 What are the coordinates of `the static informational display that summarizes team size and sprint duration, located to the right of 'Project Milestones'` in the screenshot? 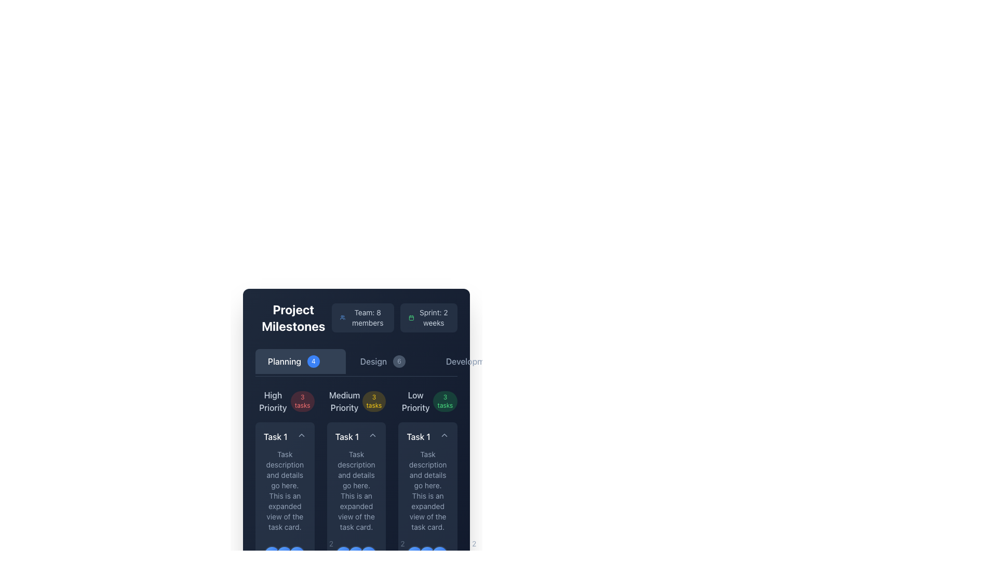 It's located at (394, 317).